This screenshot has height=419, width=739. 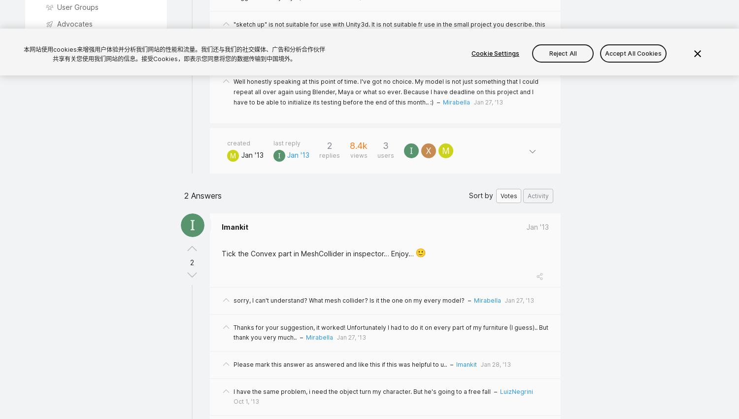 I want to click on 'users', so click(x=386, y=155).